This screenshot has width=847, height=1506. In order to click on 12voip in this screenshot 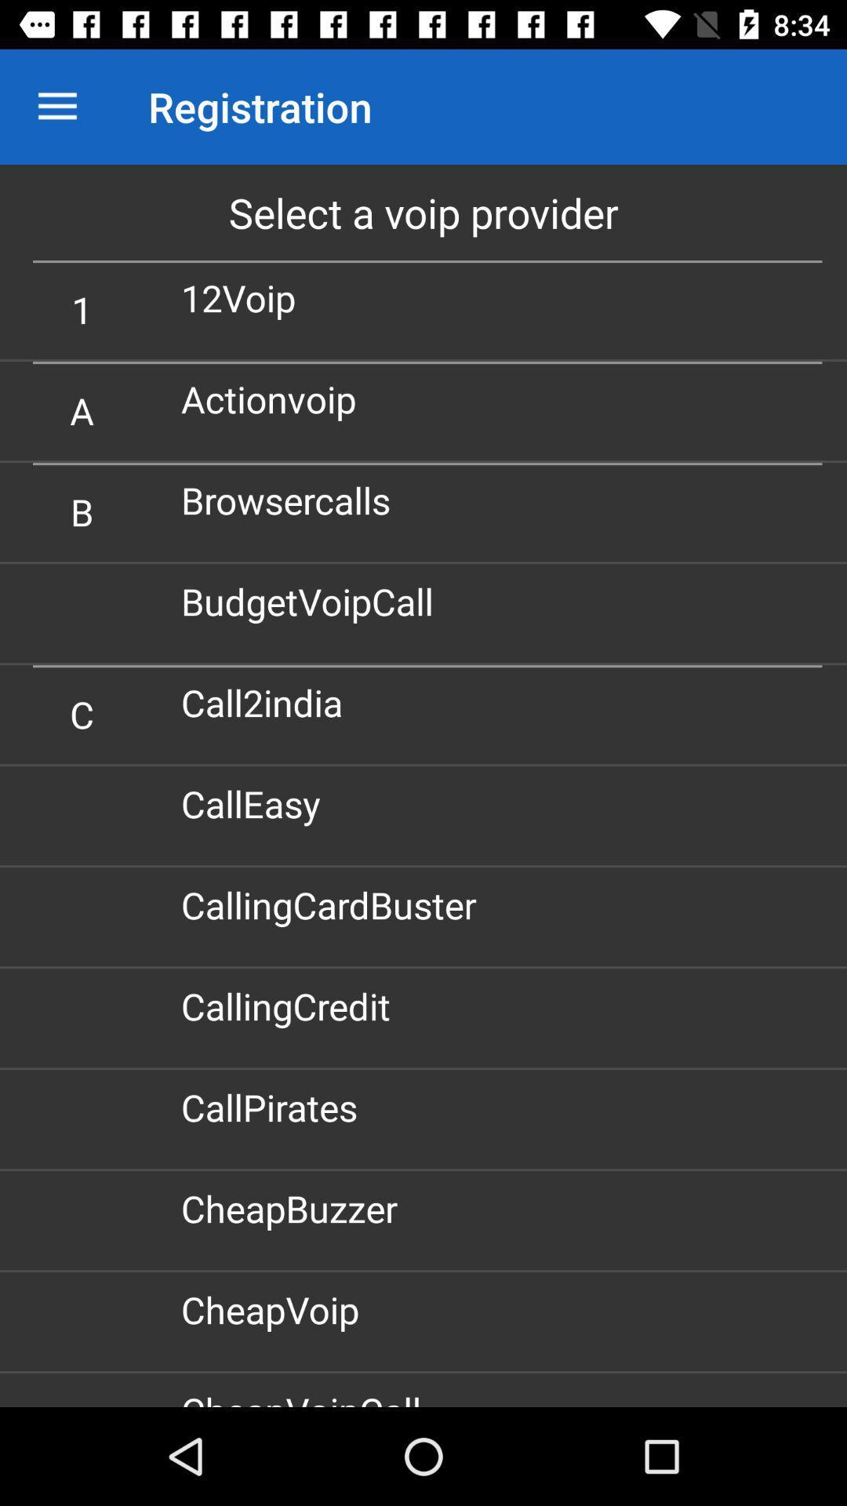, I will do `click(245, 297)`.